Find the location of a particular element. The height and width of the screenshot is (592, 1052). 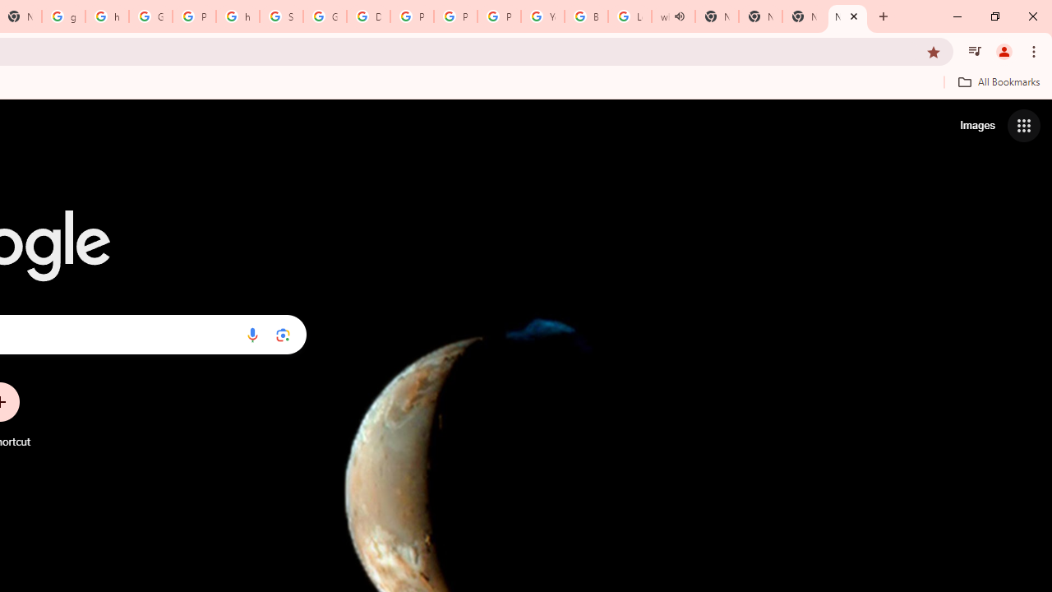

'Privacy Help Center - Policies Help' is located at coordinates (455, 16).